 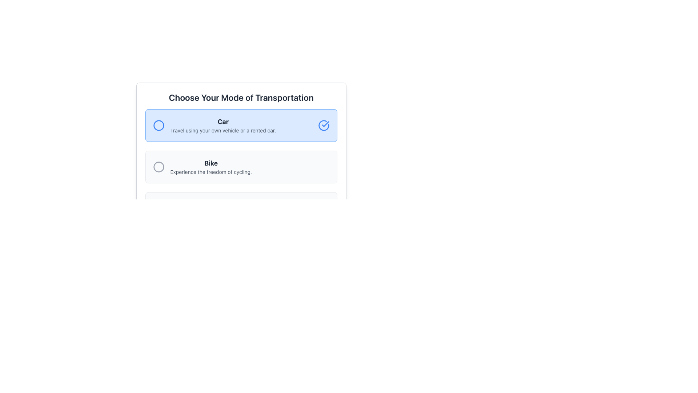 I want to click on the text label that serves as the header for the 'Bike' option in the transportation selection menu, which is positioned directly above a descriptive paragraph, so click(x=210, y=163).